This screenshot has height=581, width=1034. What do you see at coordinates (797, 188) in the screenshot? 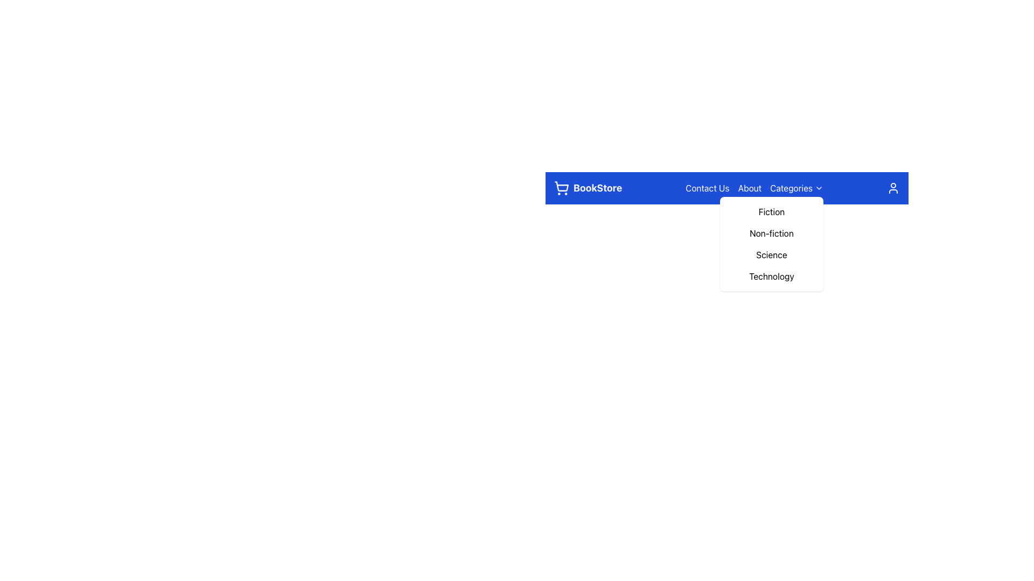
I see `the 'Categories' dropdown menu on the blue navigation bar` at bounding box center [797, 188].